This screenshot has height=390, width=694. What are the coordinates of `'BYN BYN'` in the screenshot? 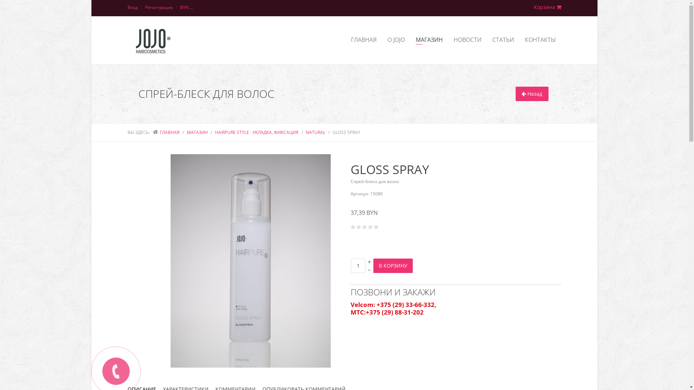 It's located at (187, 8).